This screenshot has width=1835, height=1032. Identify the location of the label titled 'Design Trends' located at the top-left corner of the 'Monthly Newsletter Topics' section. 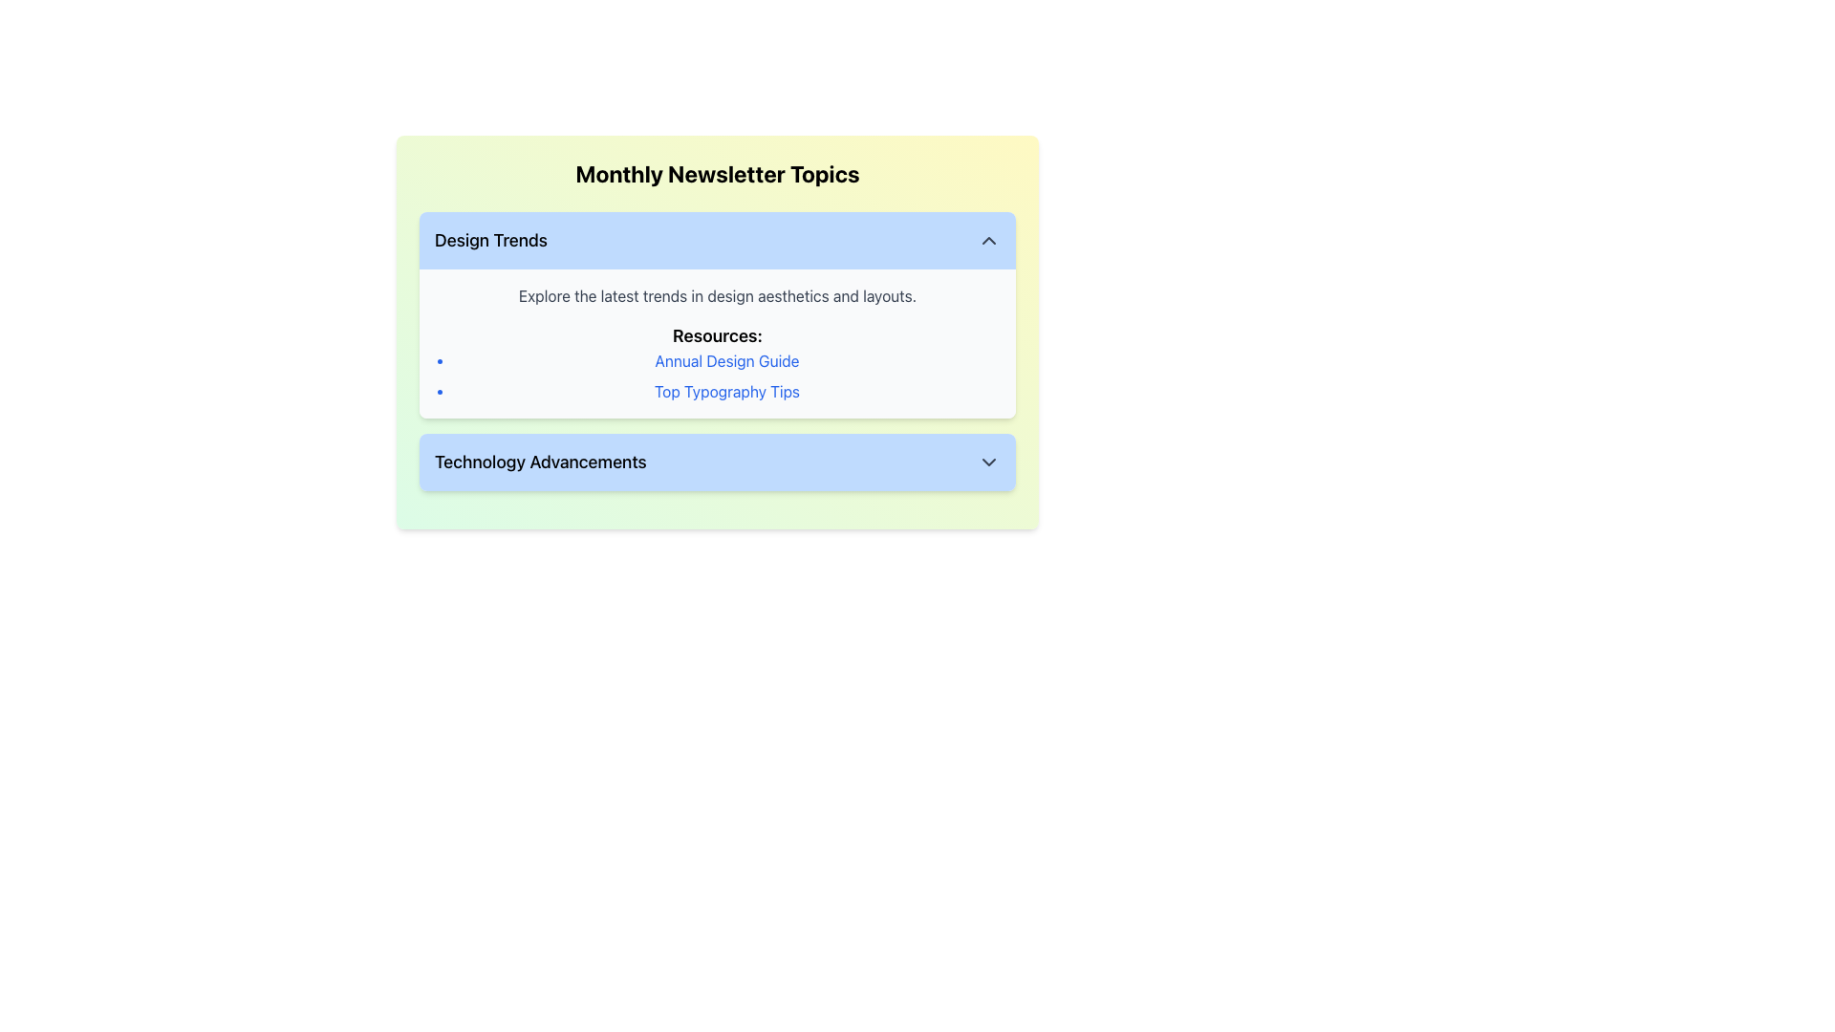
(490, 239).